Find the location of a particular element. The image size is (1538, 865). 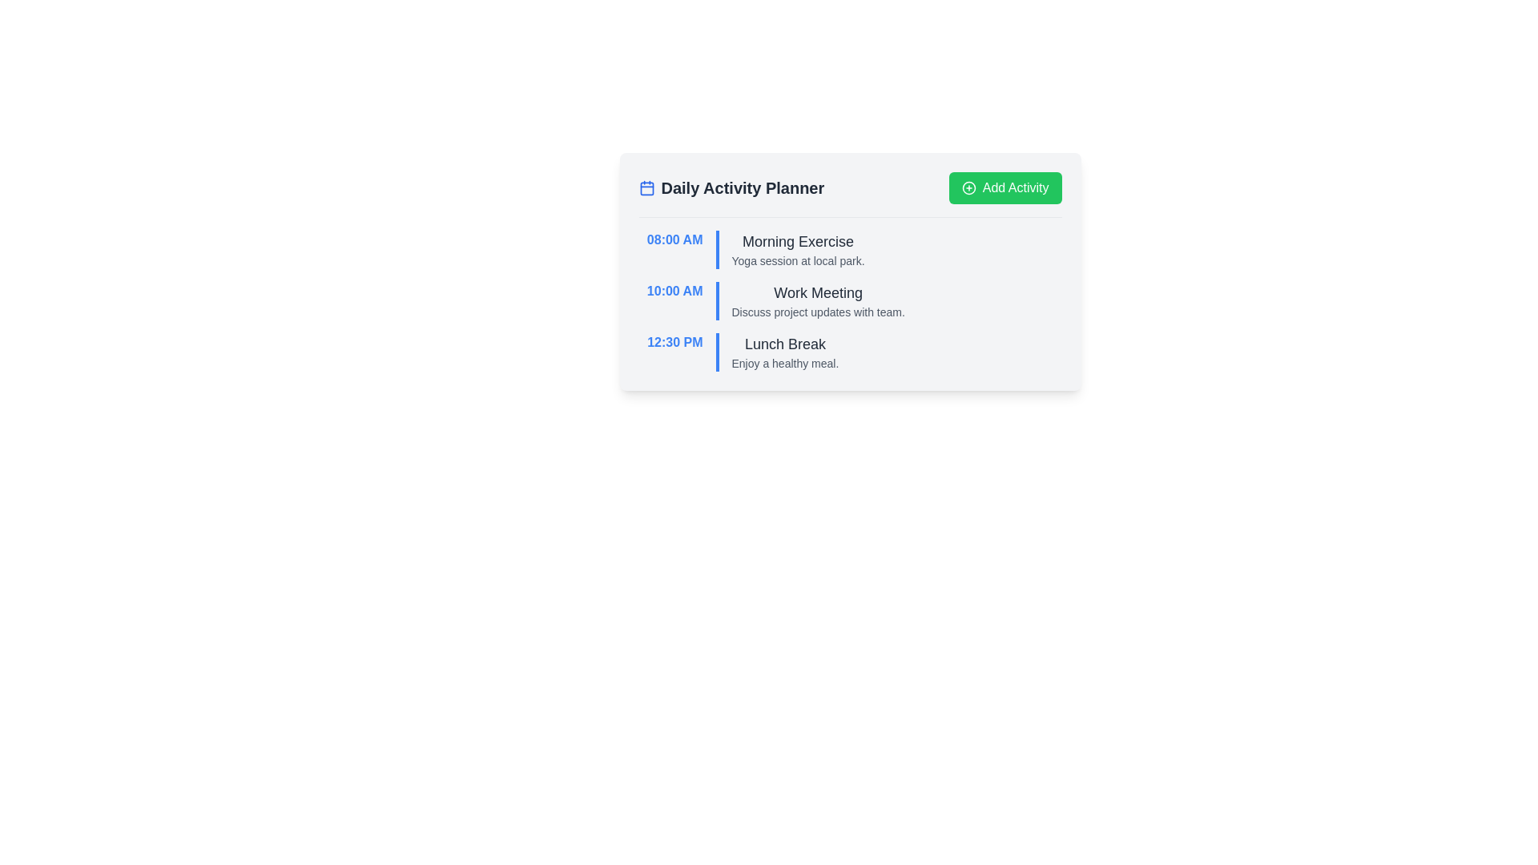

the blue calendar icon located to the left of the 'Daily Activity Planner' text in the header area of the activity planner card is located at coordinates (646, 187).